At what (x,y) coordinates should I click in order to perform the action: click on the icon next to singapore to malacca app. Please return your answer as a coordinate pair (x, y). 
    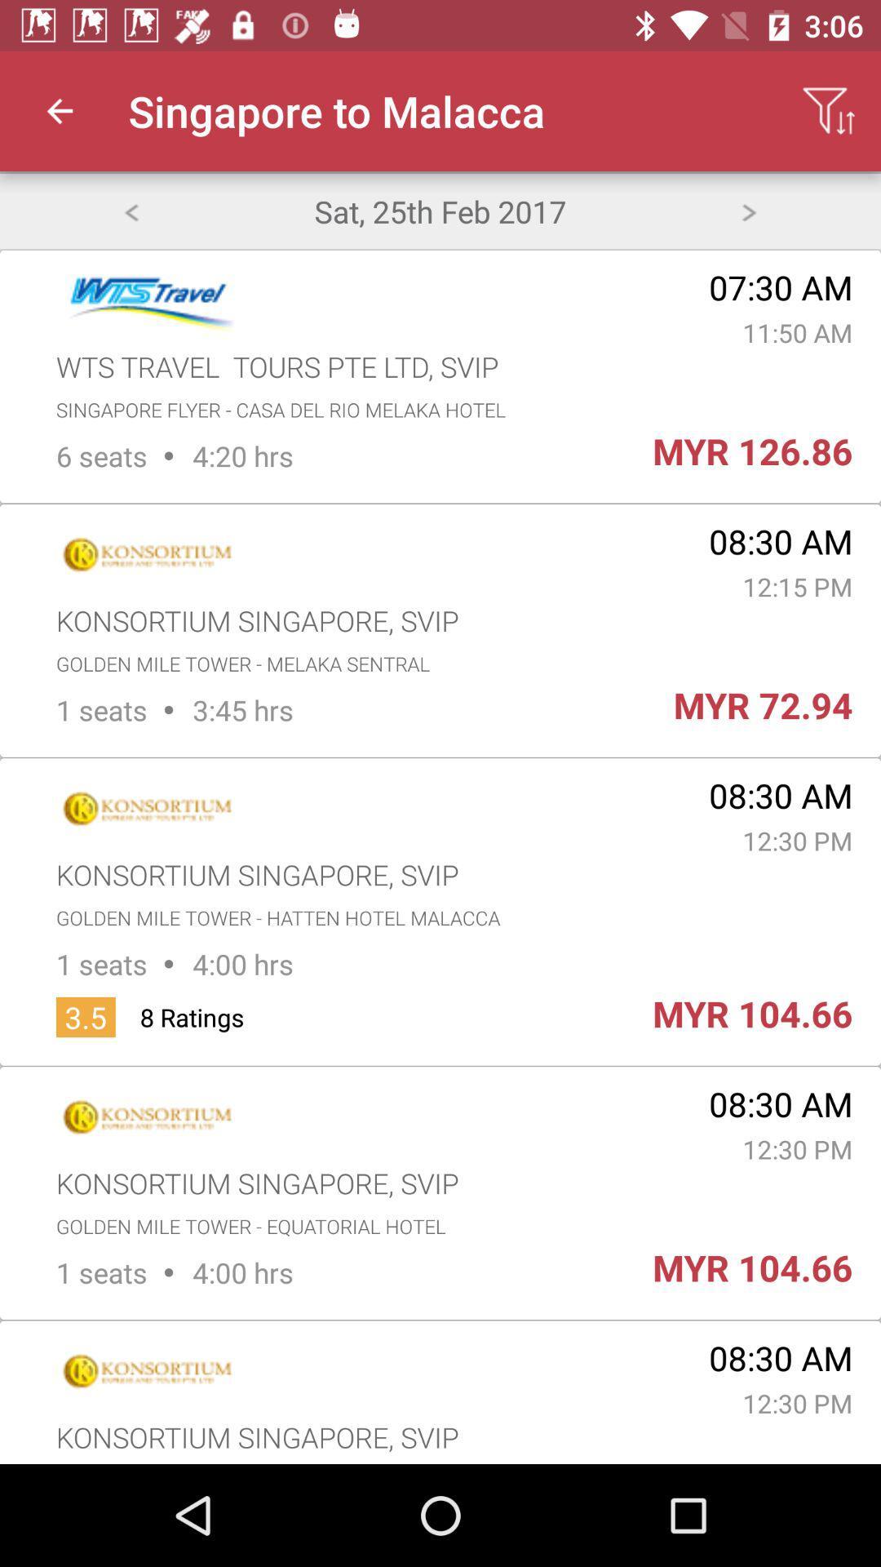
    Looking at the image, I should click on (59, 110).